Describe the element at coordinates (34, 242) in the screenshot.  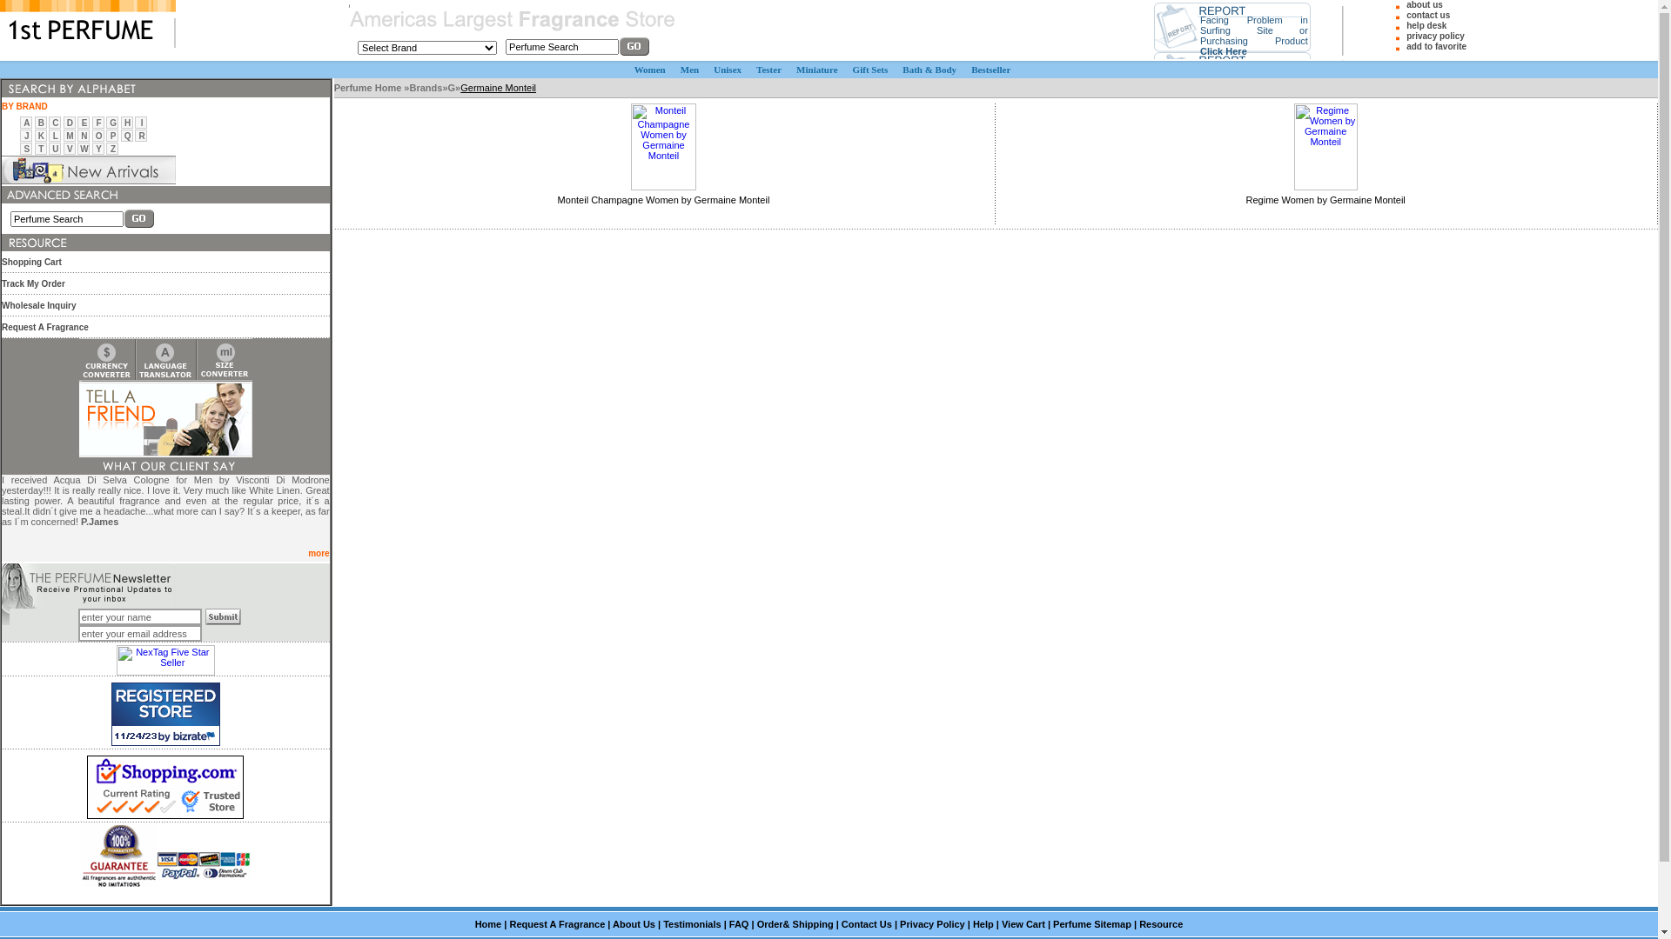
I see `'1st Perfume Resource'` at that location.